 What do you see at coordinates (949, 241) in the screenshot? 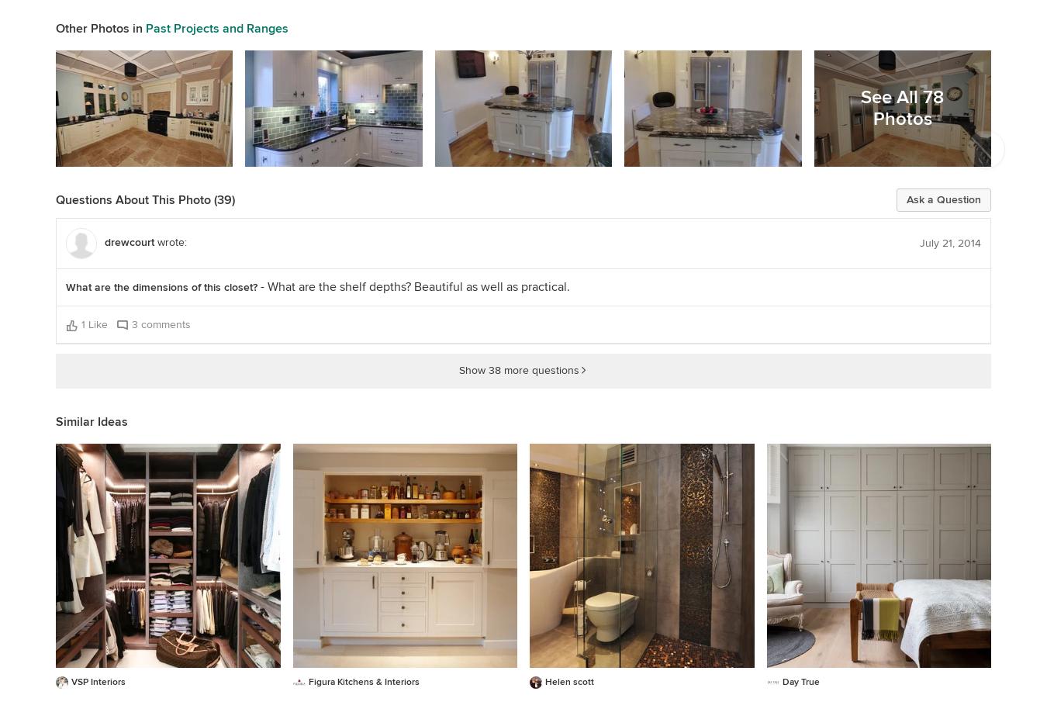
I see `'July 21, 2014'` at bounding box center [949, 241].